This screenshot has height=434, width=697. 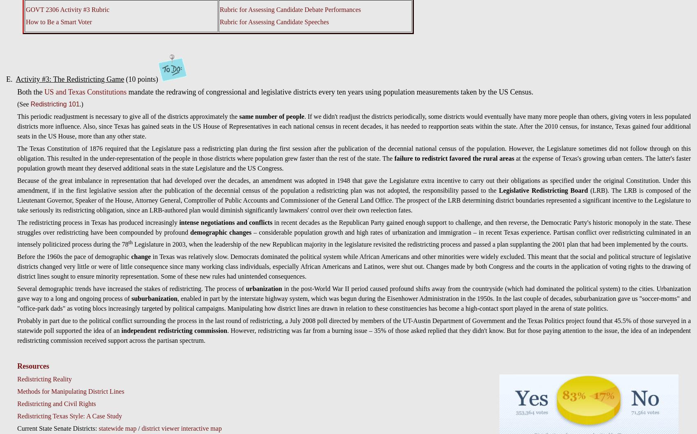 What do you see at coordinates (44, 379) in the screenshot?
I see `'Redistricting Reality'` at bounding box center [44, 379].